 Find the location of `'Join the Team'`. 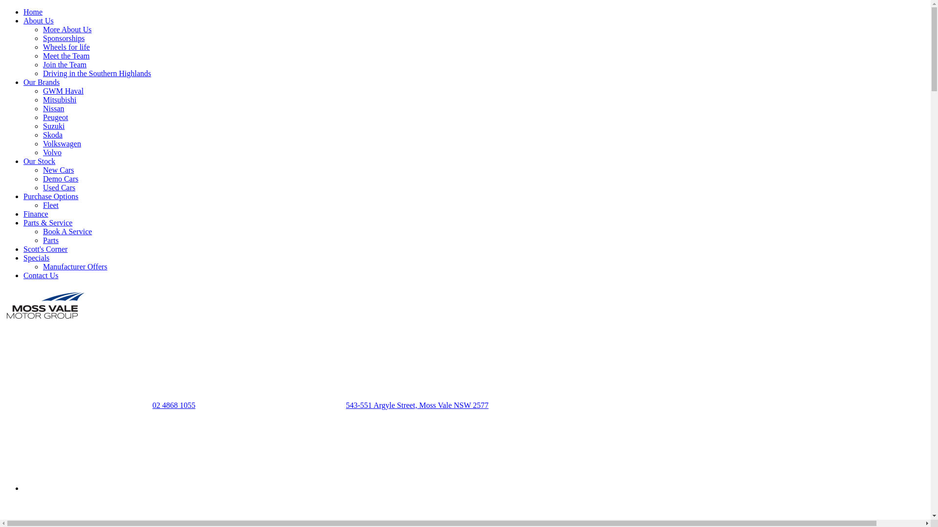

'Join the Team' is located at coordinates (64, 64).